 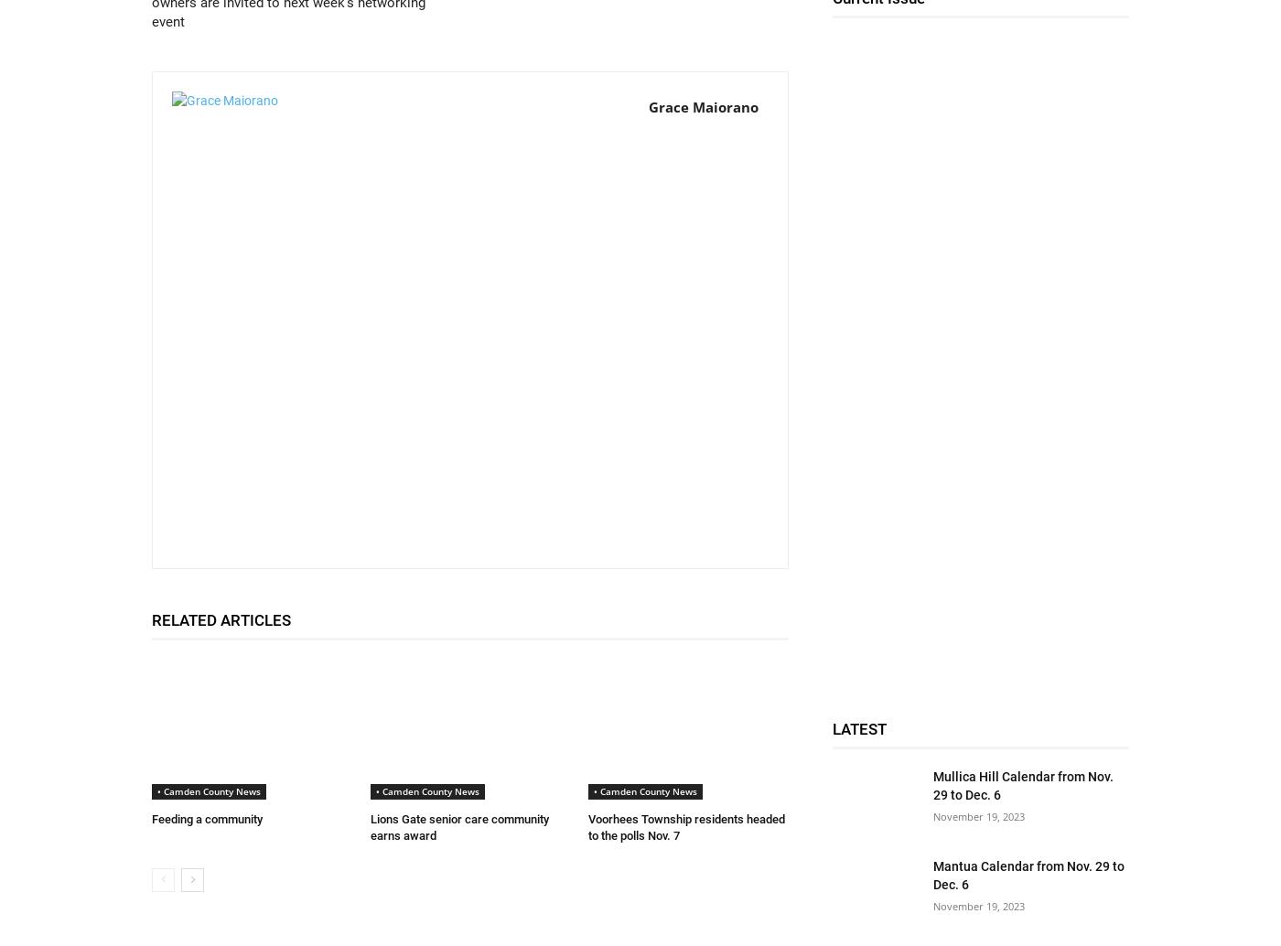 I want to click on 'Grace Maiorano', so click(x=704, y=107).